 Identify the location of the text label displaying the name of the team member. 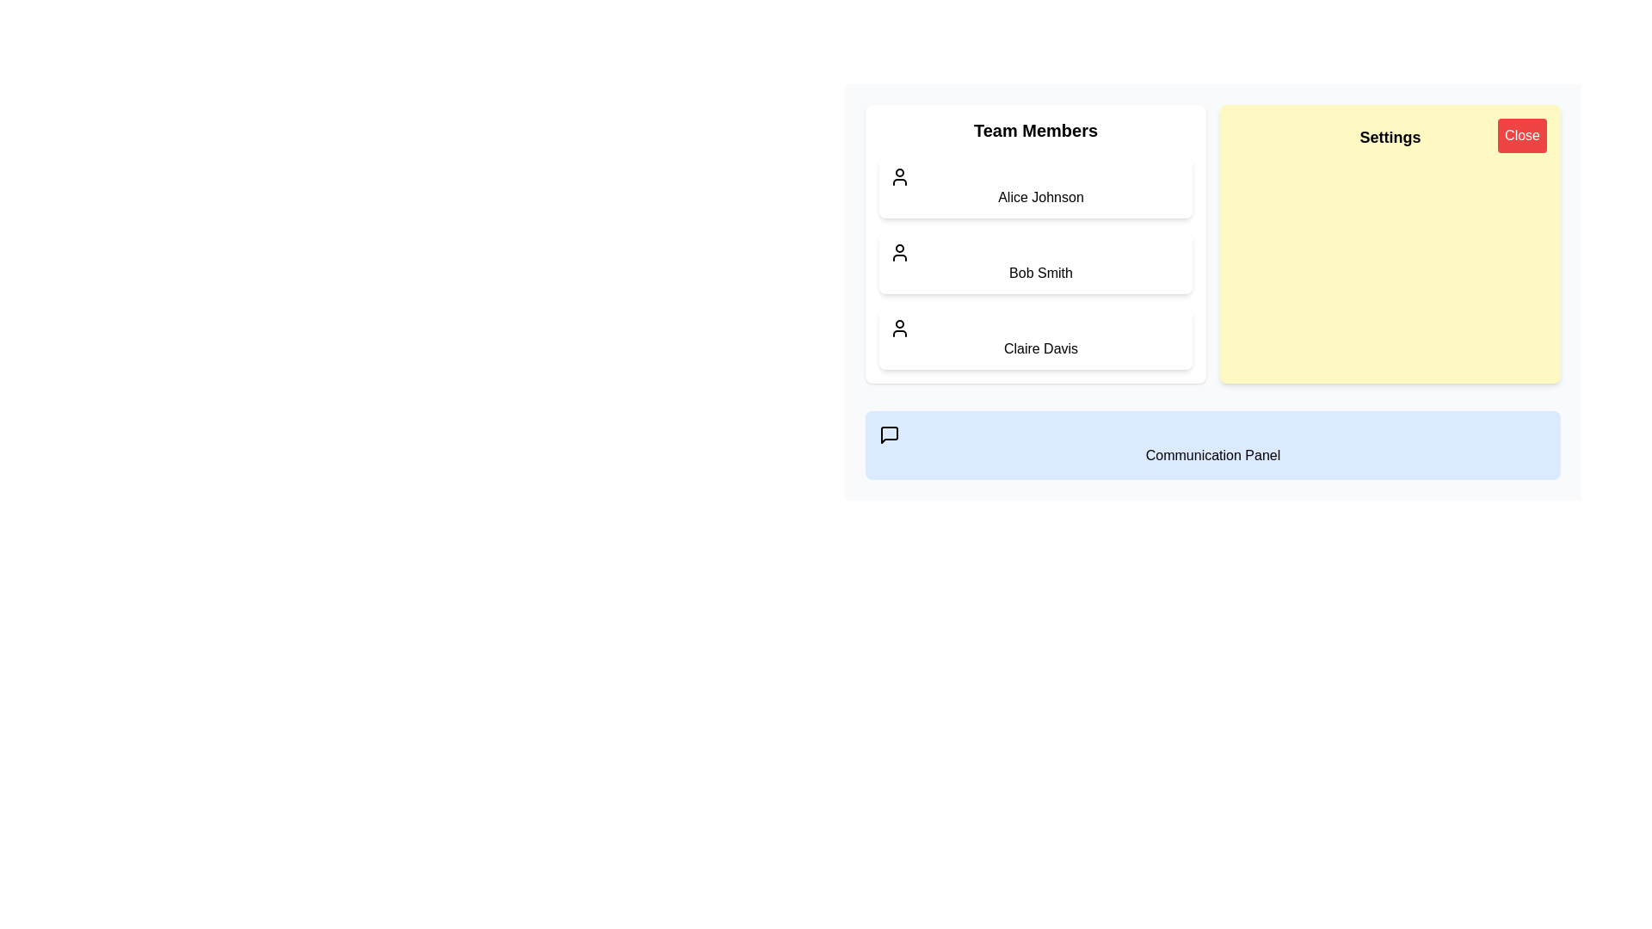
(1039, 272).